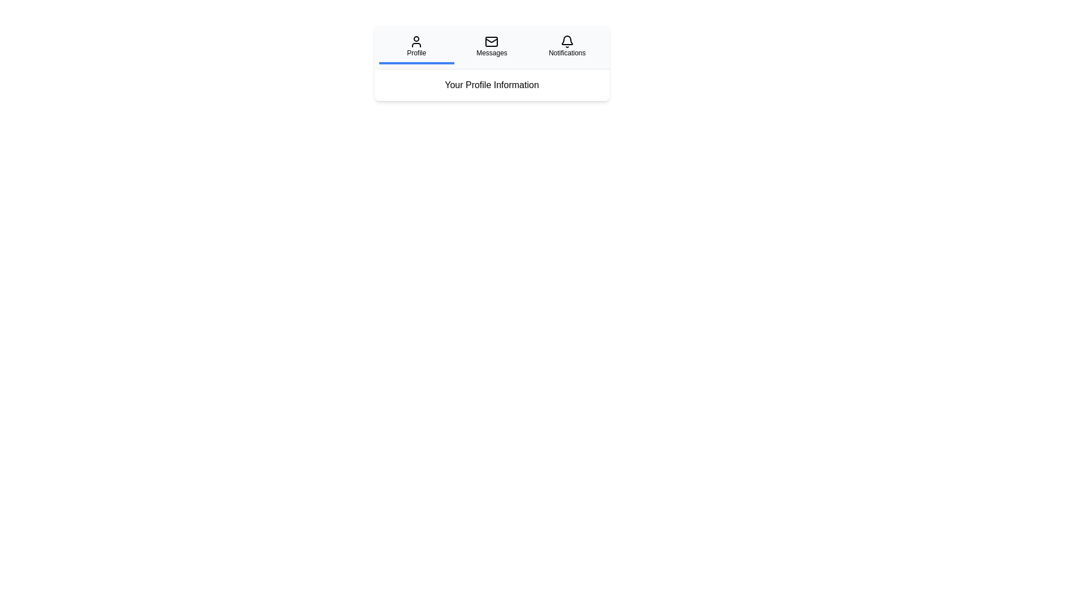  What do you see at coordinates (416, 47) in the screenshot?
I see `the user profile icon button labeled 'Profile'` at bounding box center [416, 47].